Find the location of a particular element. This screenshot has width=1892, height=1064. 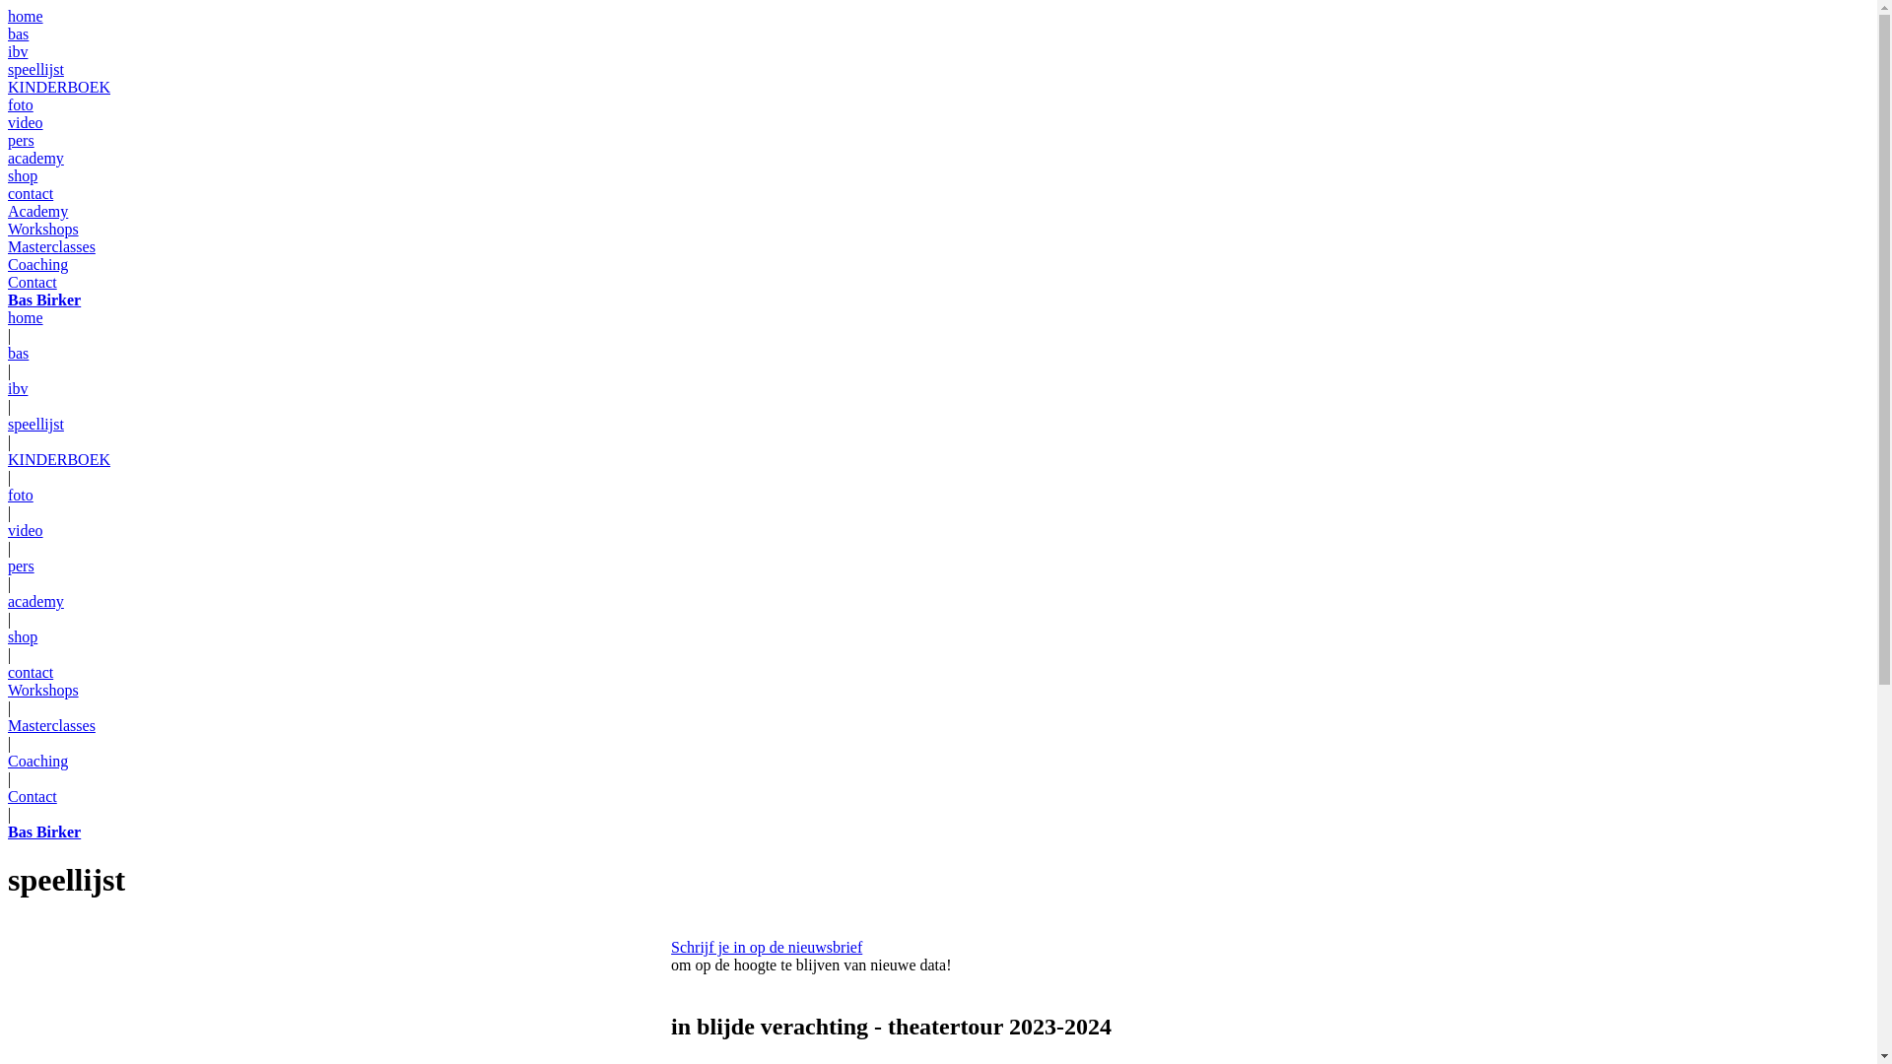

'contact' is located at coordinates (30, 193).